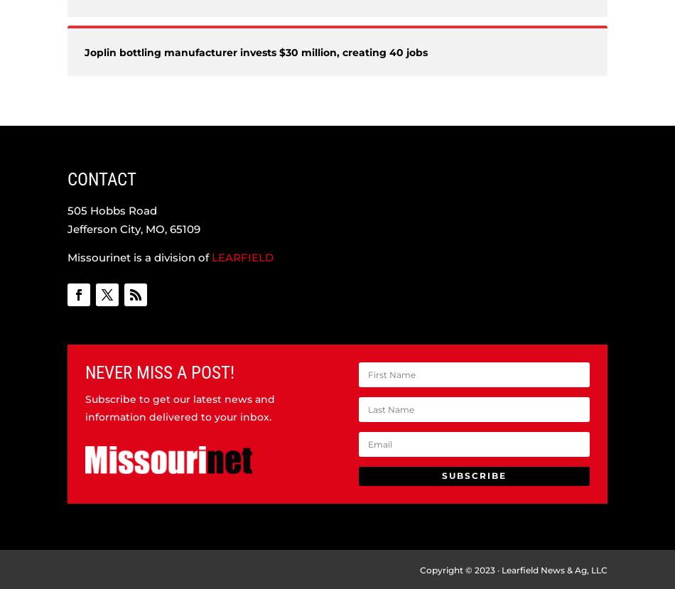 This screenshot has height=589, width=675. I want to click on 'Jefferson City, MO, 65109', so click(134, 228).